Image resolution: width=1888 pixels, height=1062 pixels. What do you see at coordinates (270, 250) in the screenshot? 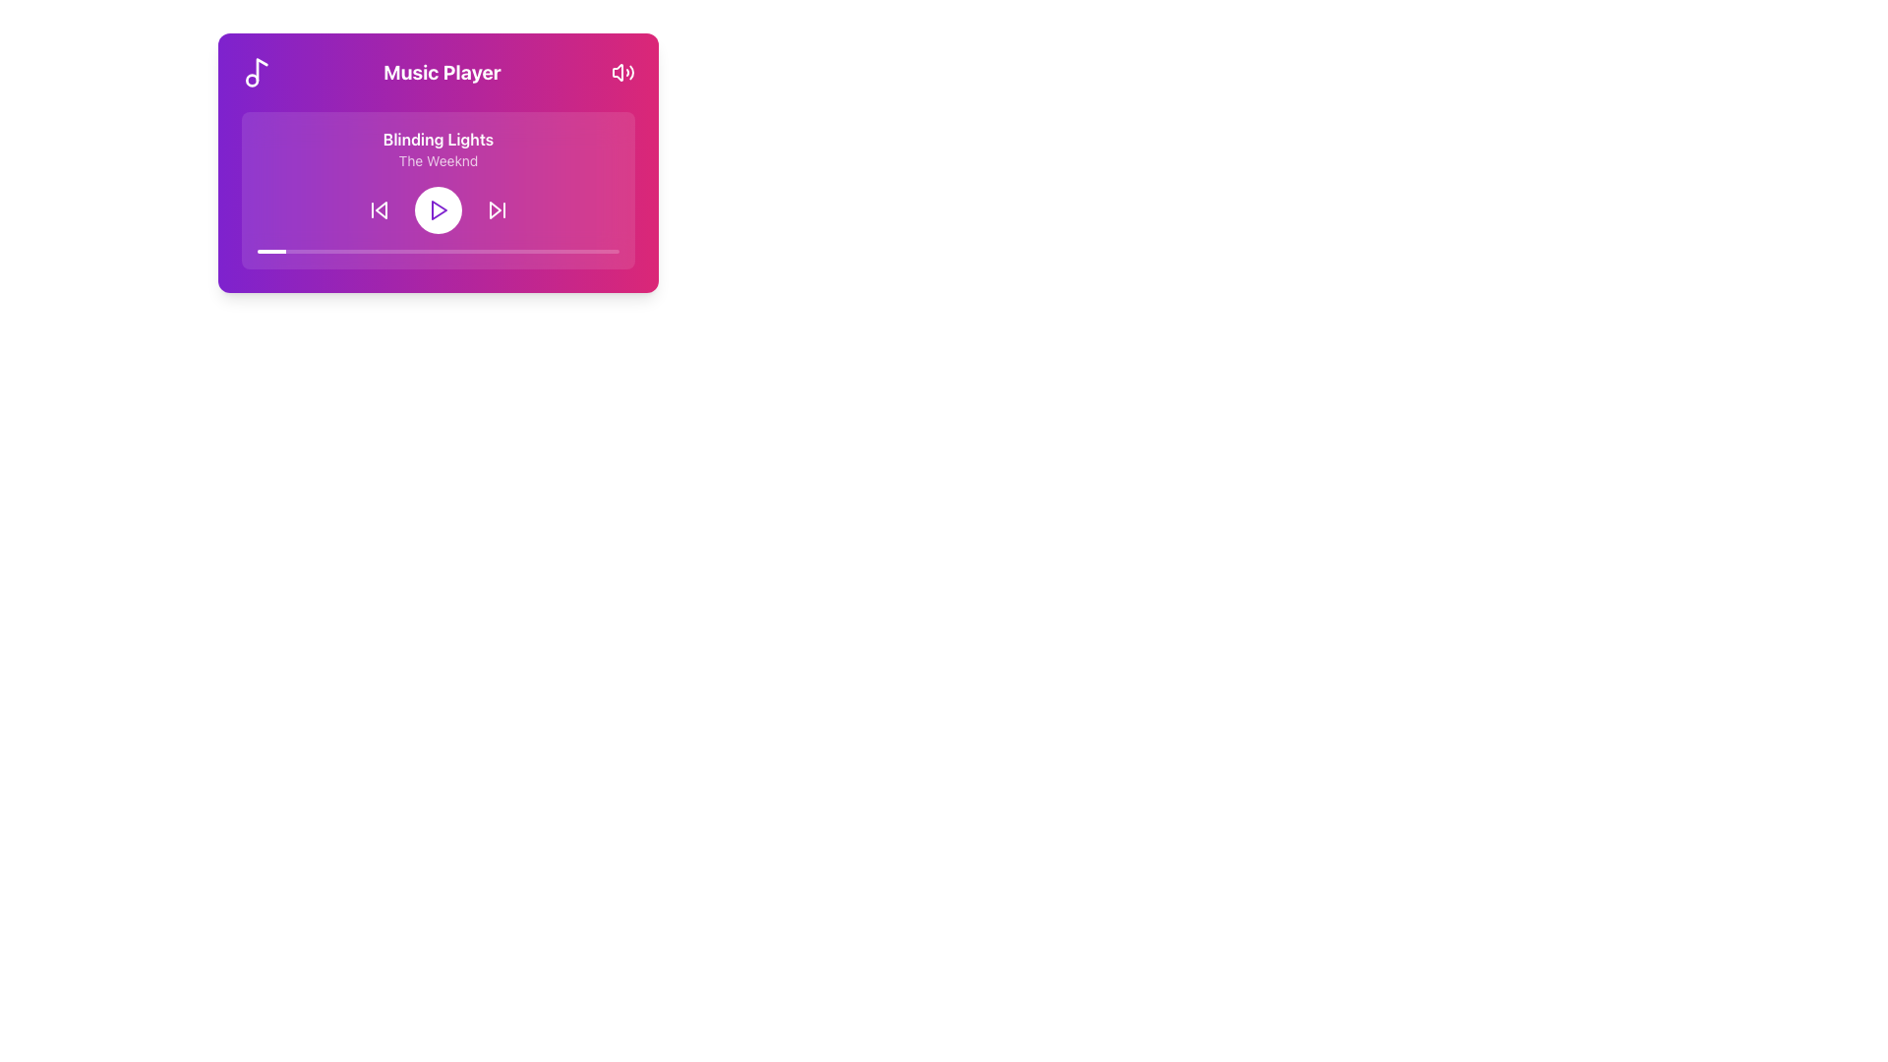
I see `the narrow, rectangular progress bar segment with a white background located at the far-left edge of the progress bar` at bounding box center [270, 250].